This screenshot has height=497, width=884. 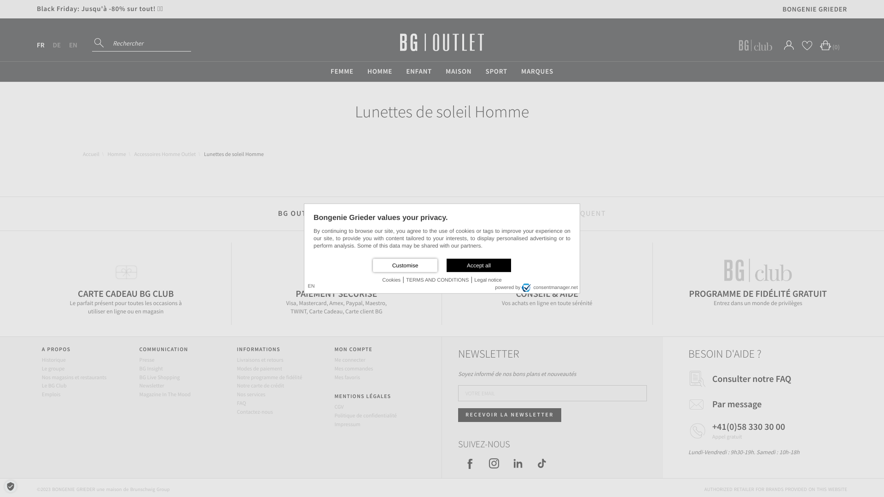 What do you see at coordinates (406, 280) in the screenshot?
I see `'TERMS AND CONDITIONS'` at bounding box center [406, 280].